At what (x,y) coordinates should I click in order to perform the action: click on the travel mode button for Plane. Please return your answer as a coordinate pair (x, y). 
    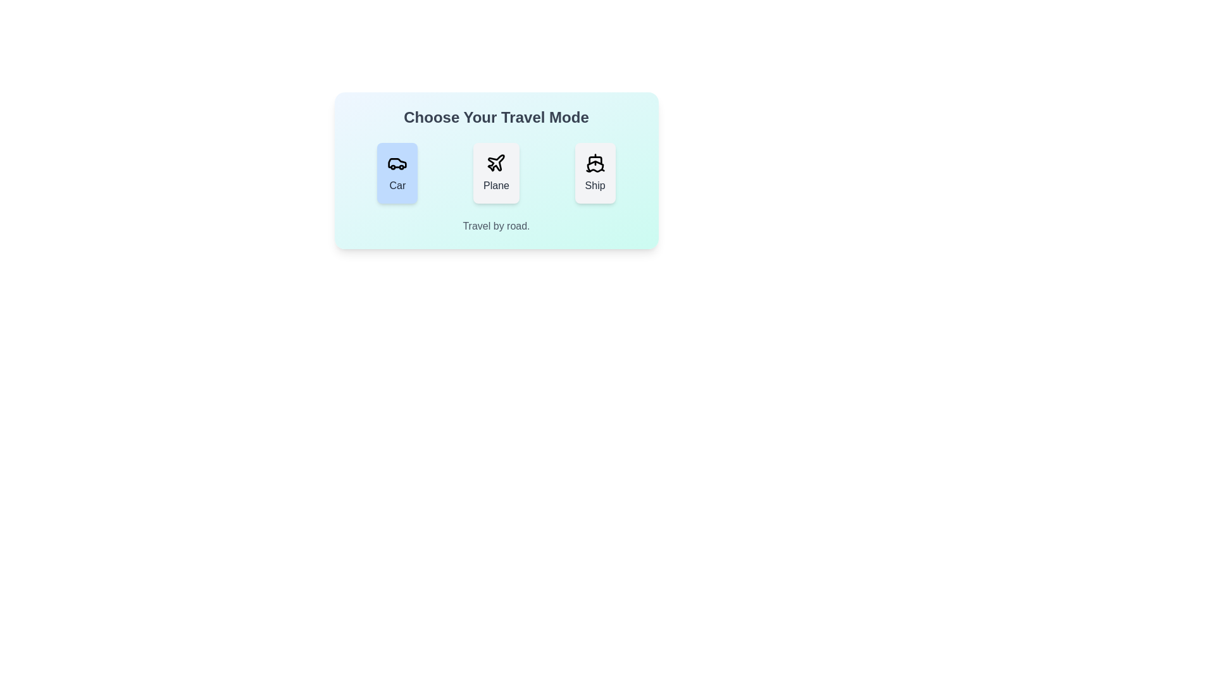
    Looking at the image, I should click on (495, 173).